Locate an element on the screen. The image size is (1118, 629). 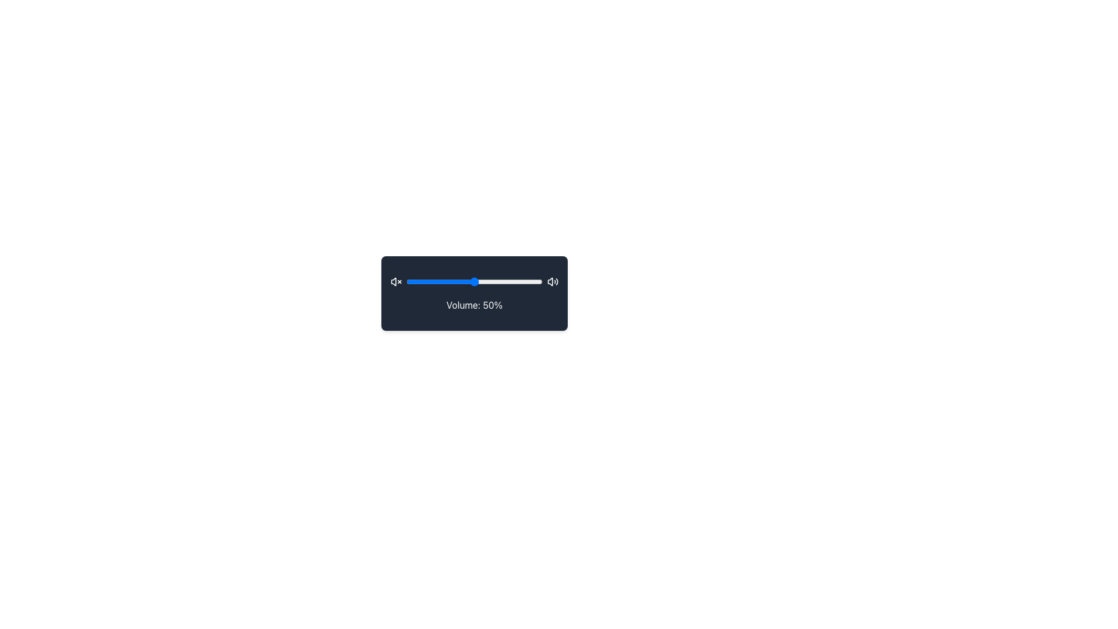
the volume is located at coordinates (412, 281).